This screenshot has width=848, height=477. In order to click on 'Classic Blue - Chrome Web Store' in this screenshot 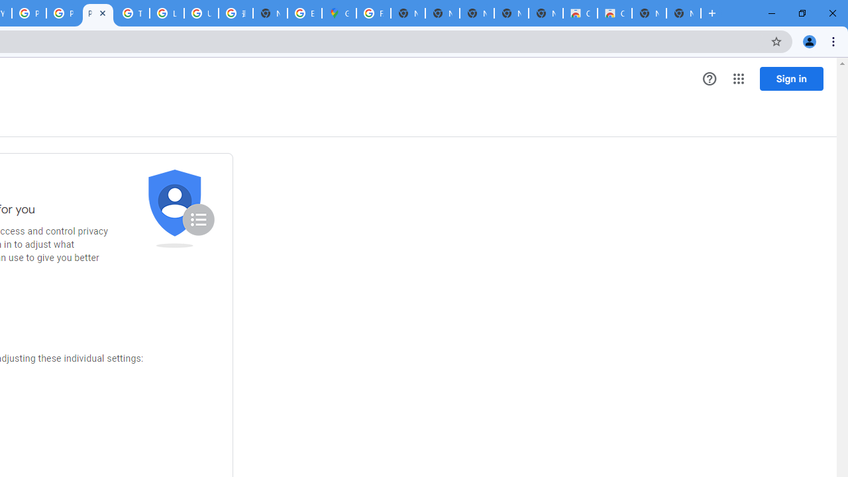, I will do `click(614, 13)`.